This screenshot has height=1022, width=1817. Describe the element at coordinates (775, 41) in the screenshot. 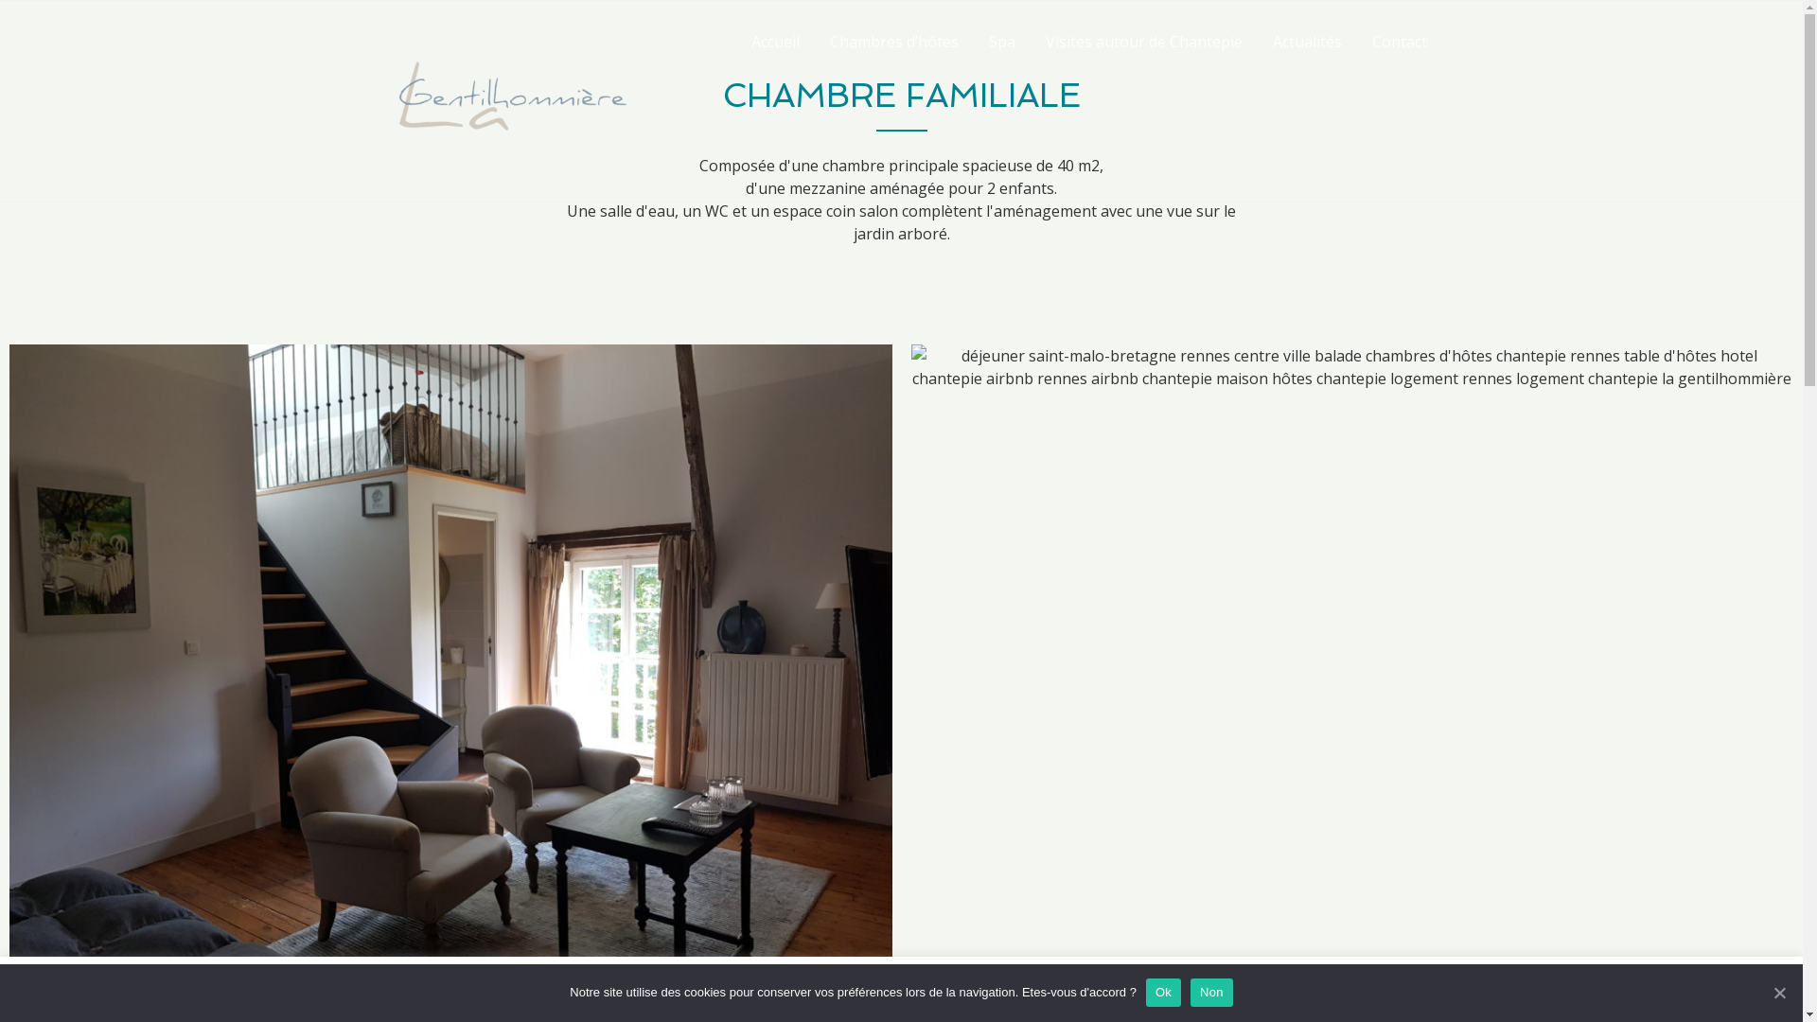

I see `'Accueil'` at that location.